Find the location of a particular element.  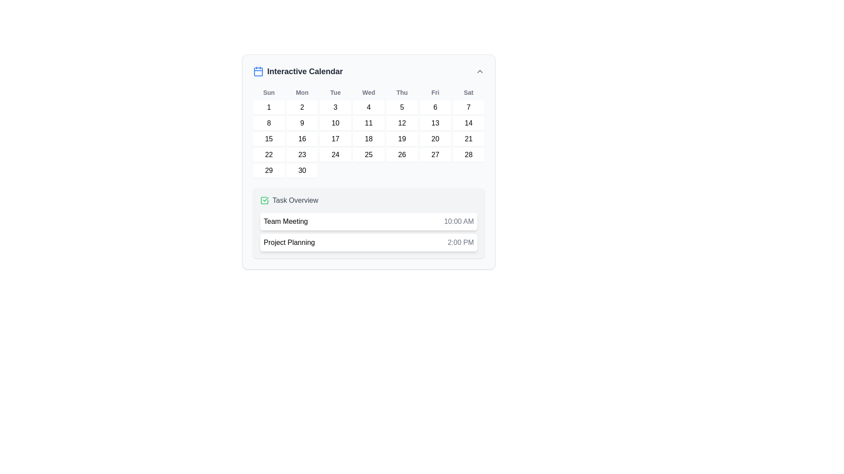

the static text label for Saturday, which is the last label in the row of weekday labels in the calendar header is located at coordinates (468, 93).